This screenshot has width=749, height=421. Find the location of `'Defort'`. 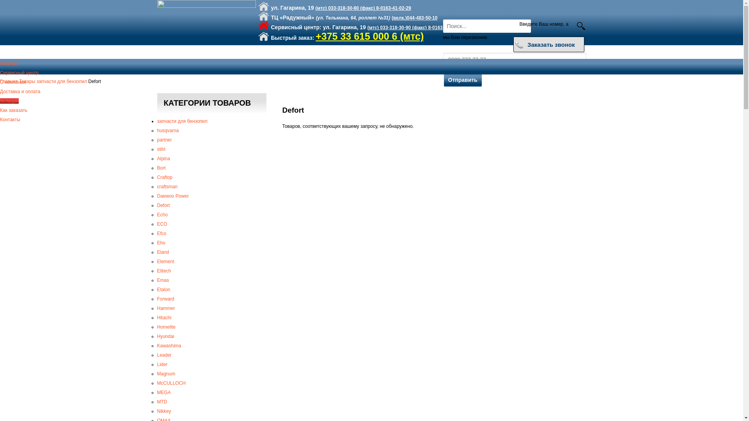

'Defort' is located at coordinates (163, 205).